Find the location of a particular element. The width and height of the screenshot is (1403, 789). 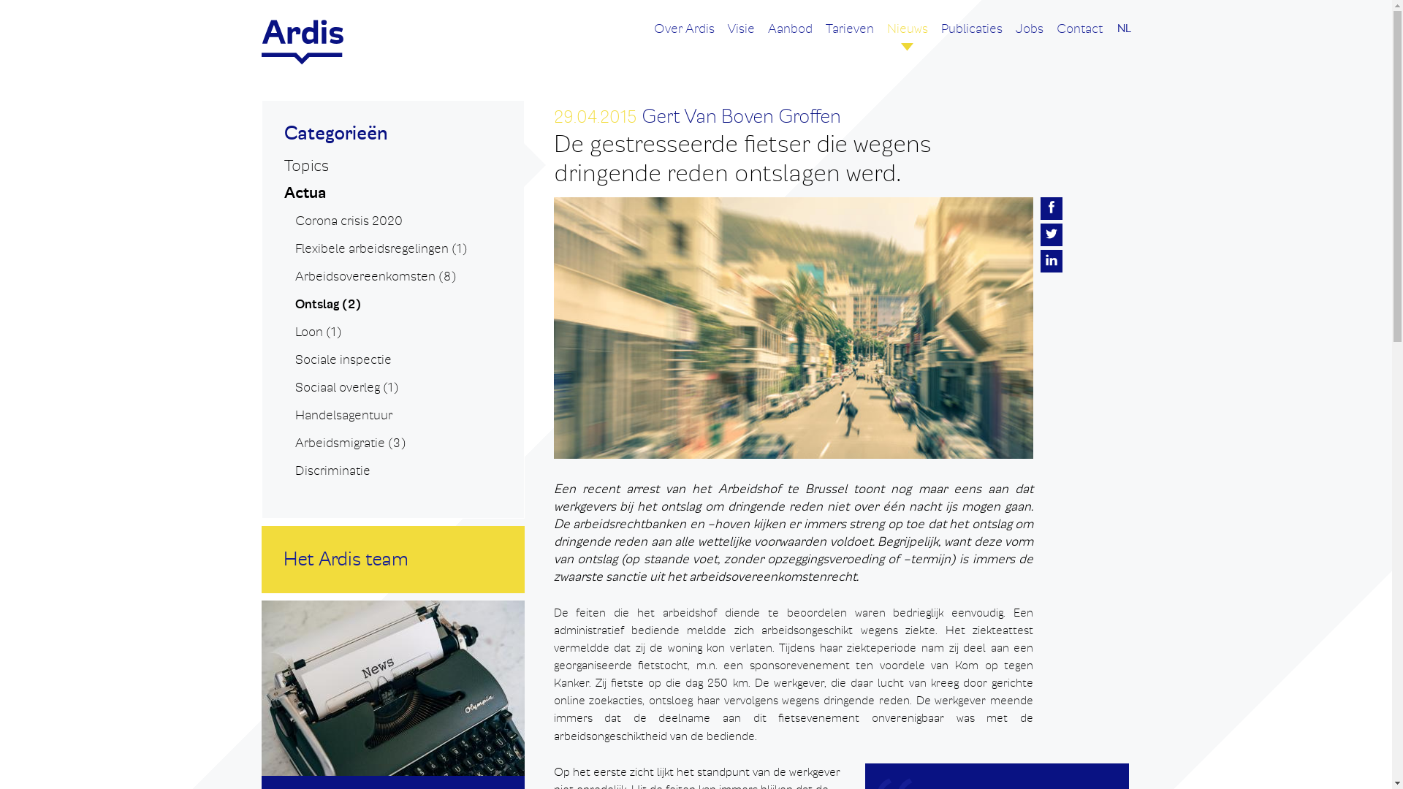

'Topics' is located at coordinates (305, 165).